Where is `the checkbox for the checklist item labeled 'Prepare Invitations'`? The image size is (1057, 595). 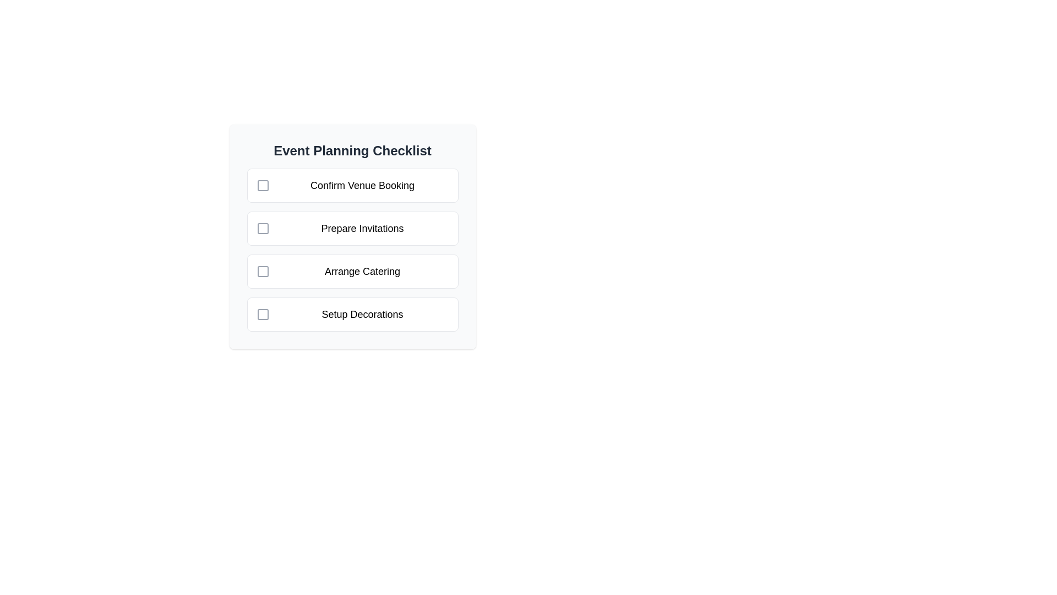
the checkbox for the checklist item labeled 'Prepare Invitations' is located at coordinates (352, 236).